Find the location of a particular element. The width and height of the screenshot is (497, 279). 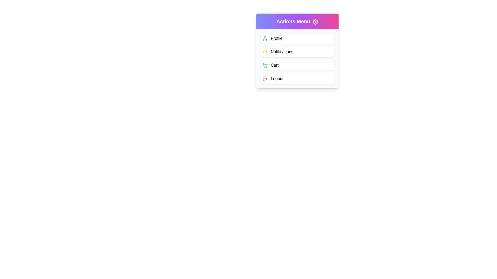

the 'Logout' option in the menu is located at coordinates (297, 79).